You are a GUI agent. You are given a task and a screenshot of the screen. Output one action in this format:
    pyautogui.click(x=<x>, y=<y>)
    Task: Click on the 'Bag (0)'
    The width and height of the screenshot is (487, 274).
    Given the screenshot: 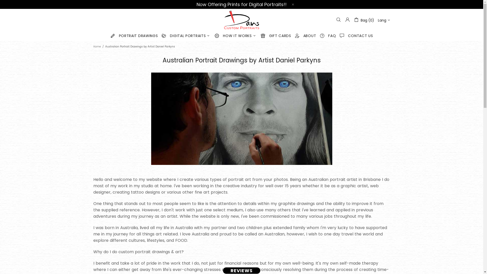 What is the action you would take?
    pyautogui.click(x=363, y=19)
    